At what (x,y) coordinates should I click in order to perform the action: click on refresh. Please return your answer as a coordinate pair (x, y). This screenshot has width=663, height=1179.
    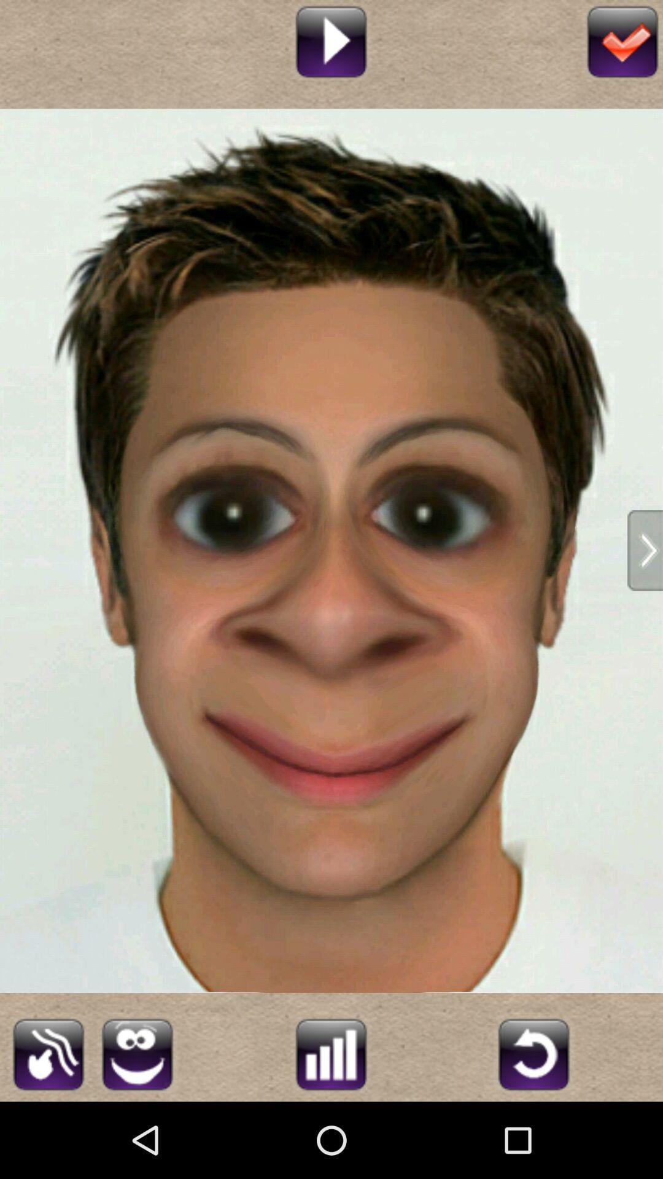
    Looking at the image, I should click on (533, 1052).